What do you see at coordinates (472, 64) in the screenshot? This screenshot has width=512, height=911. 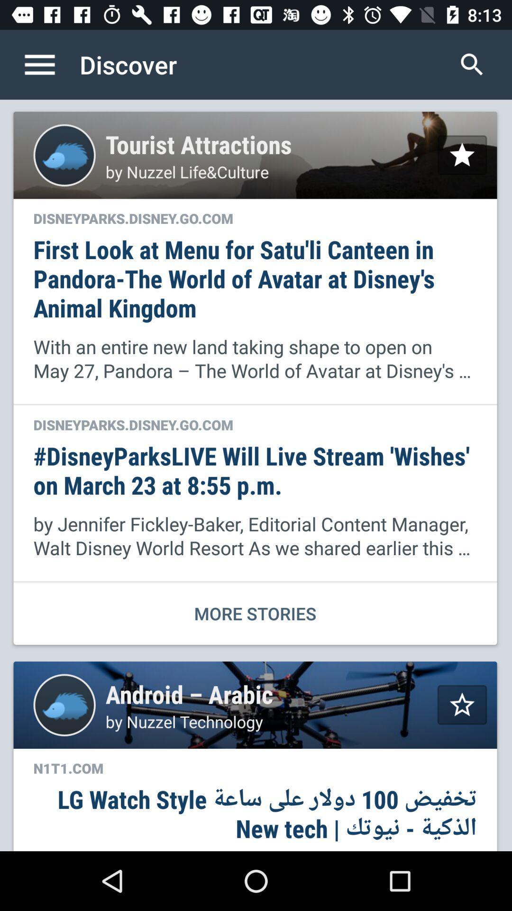 I see `icon next to the discover icon` at bounding box center [472, 64].